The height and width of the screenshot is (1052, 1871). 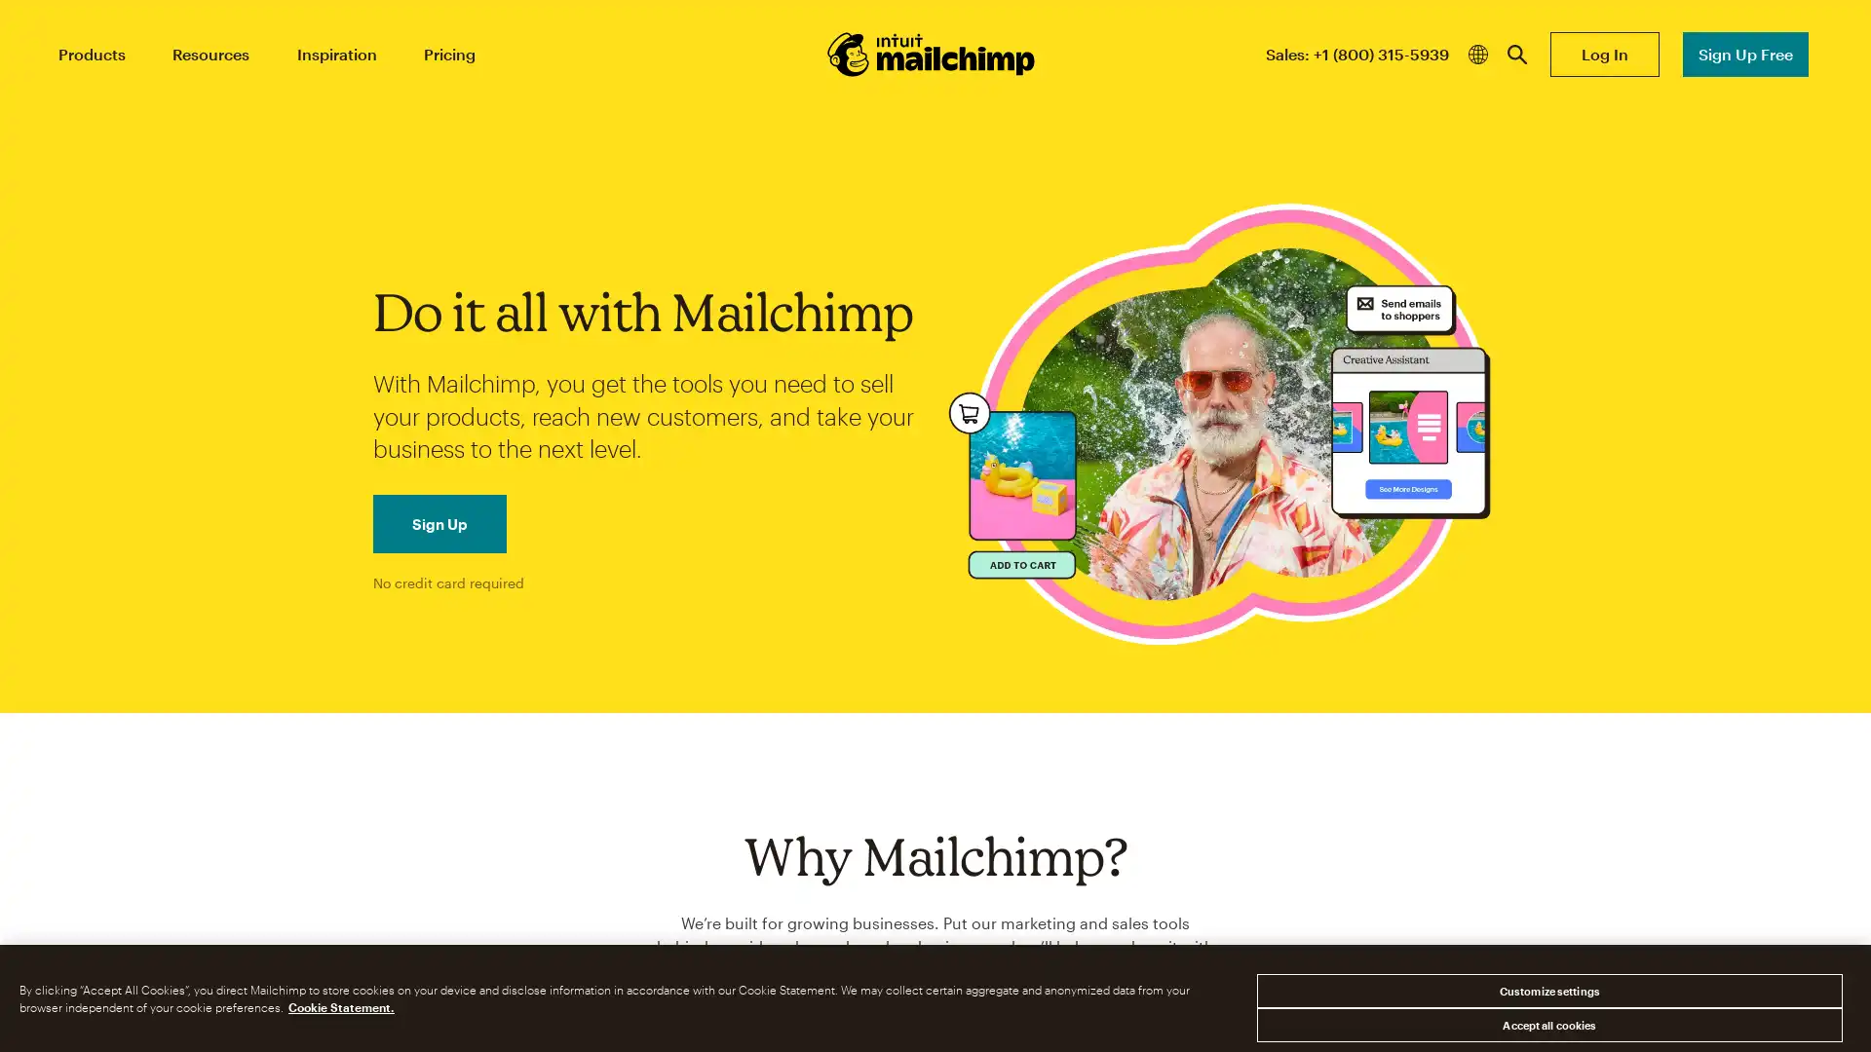 What do you see at coordinates (1547, 1024) in the screenshot?
I see `Accept all cookies` at bounding box center [1547, 1024].